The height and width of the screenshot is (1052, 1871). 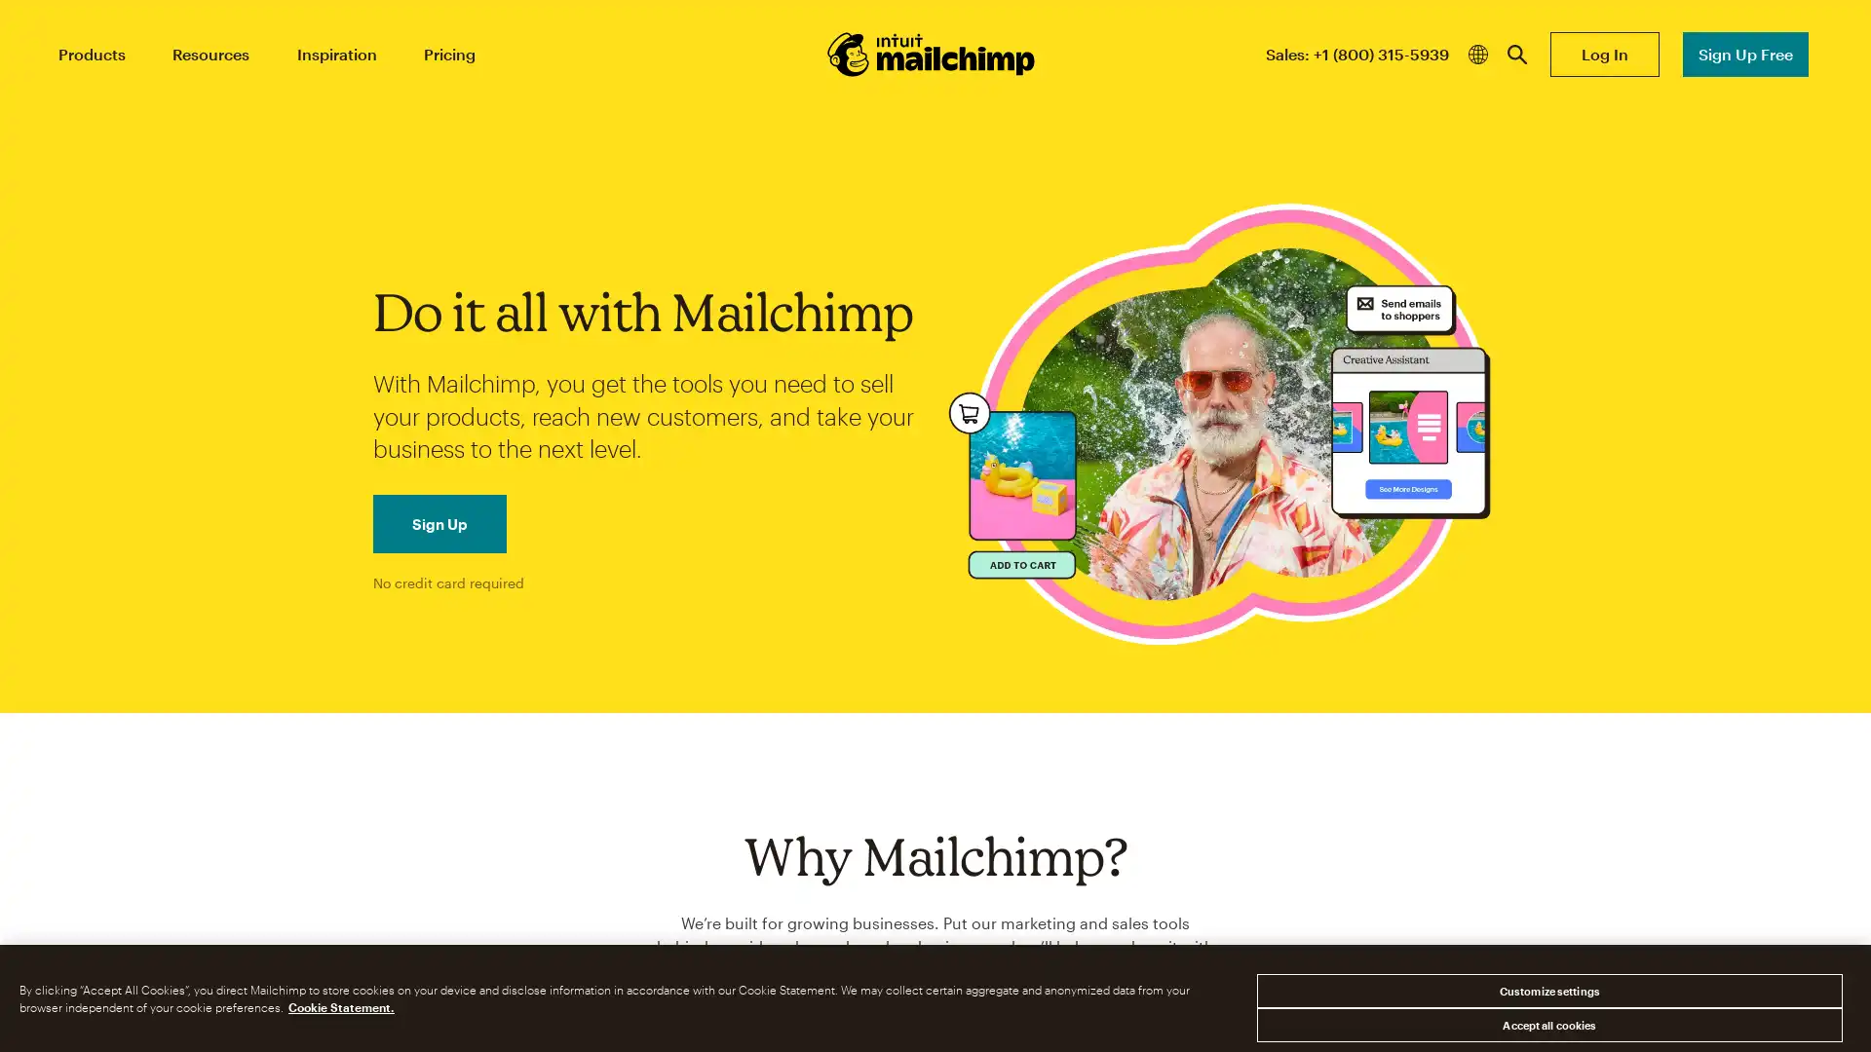 What do you see at coordinates (1547, 1024) in the screenshot?
I see `Accept all cookies` at bounding box center [1547, 1024].